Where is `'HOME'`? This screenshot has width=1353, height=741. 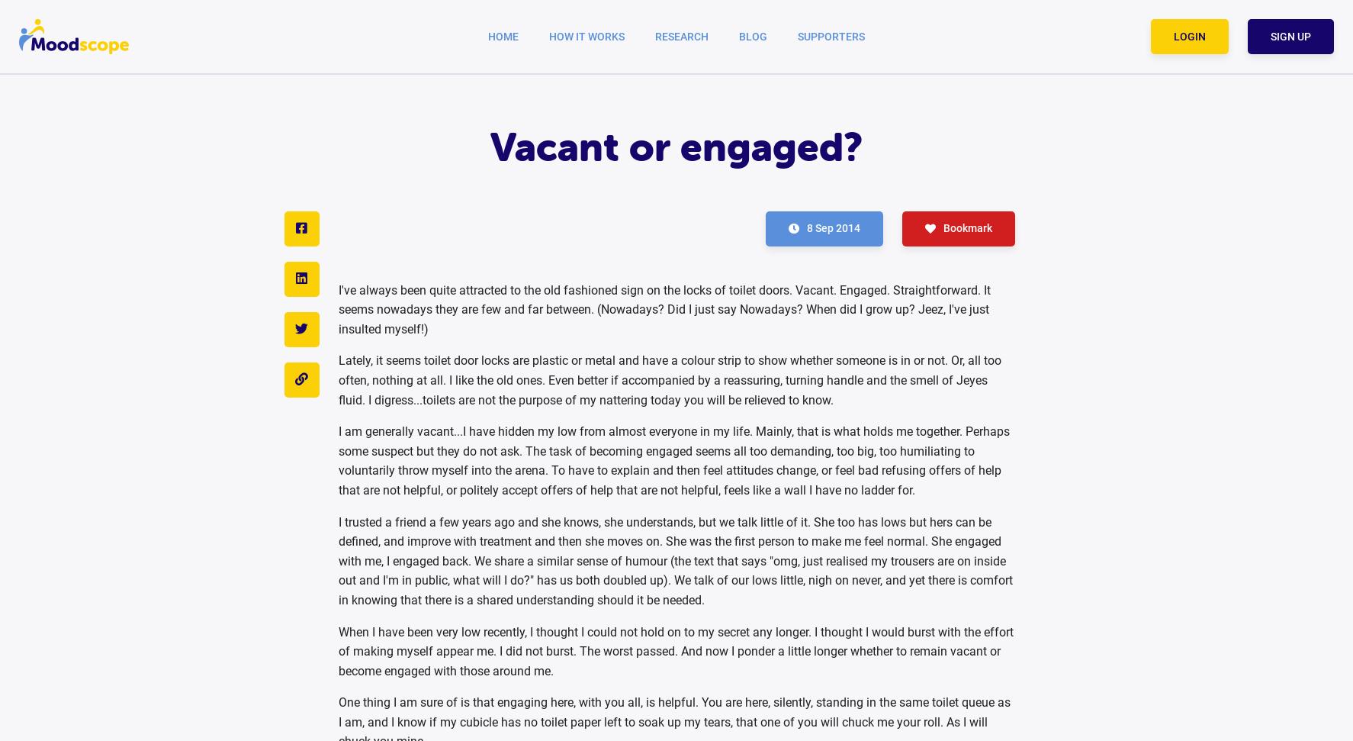 'HOME' is located at coordinates (503, 35).